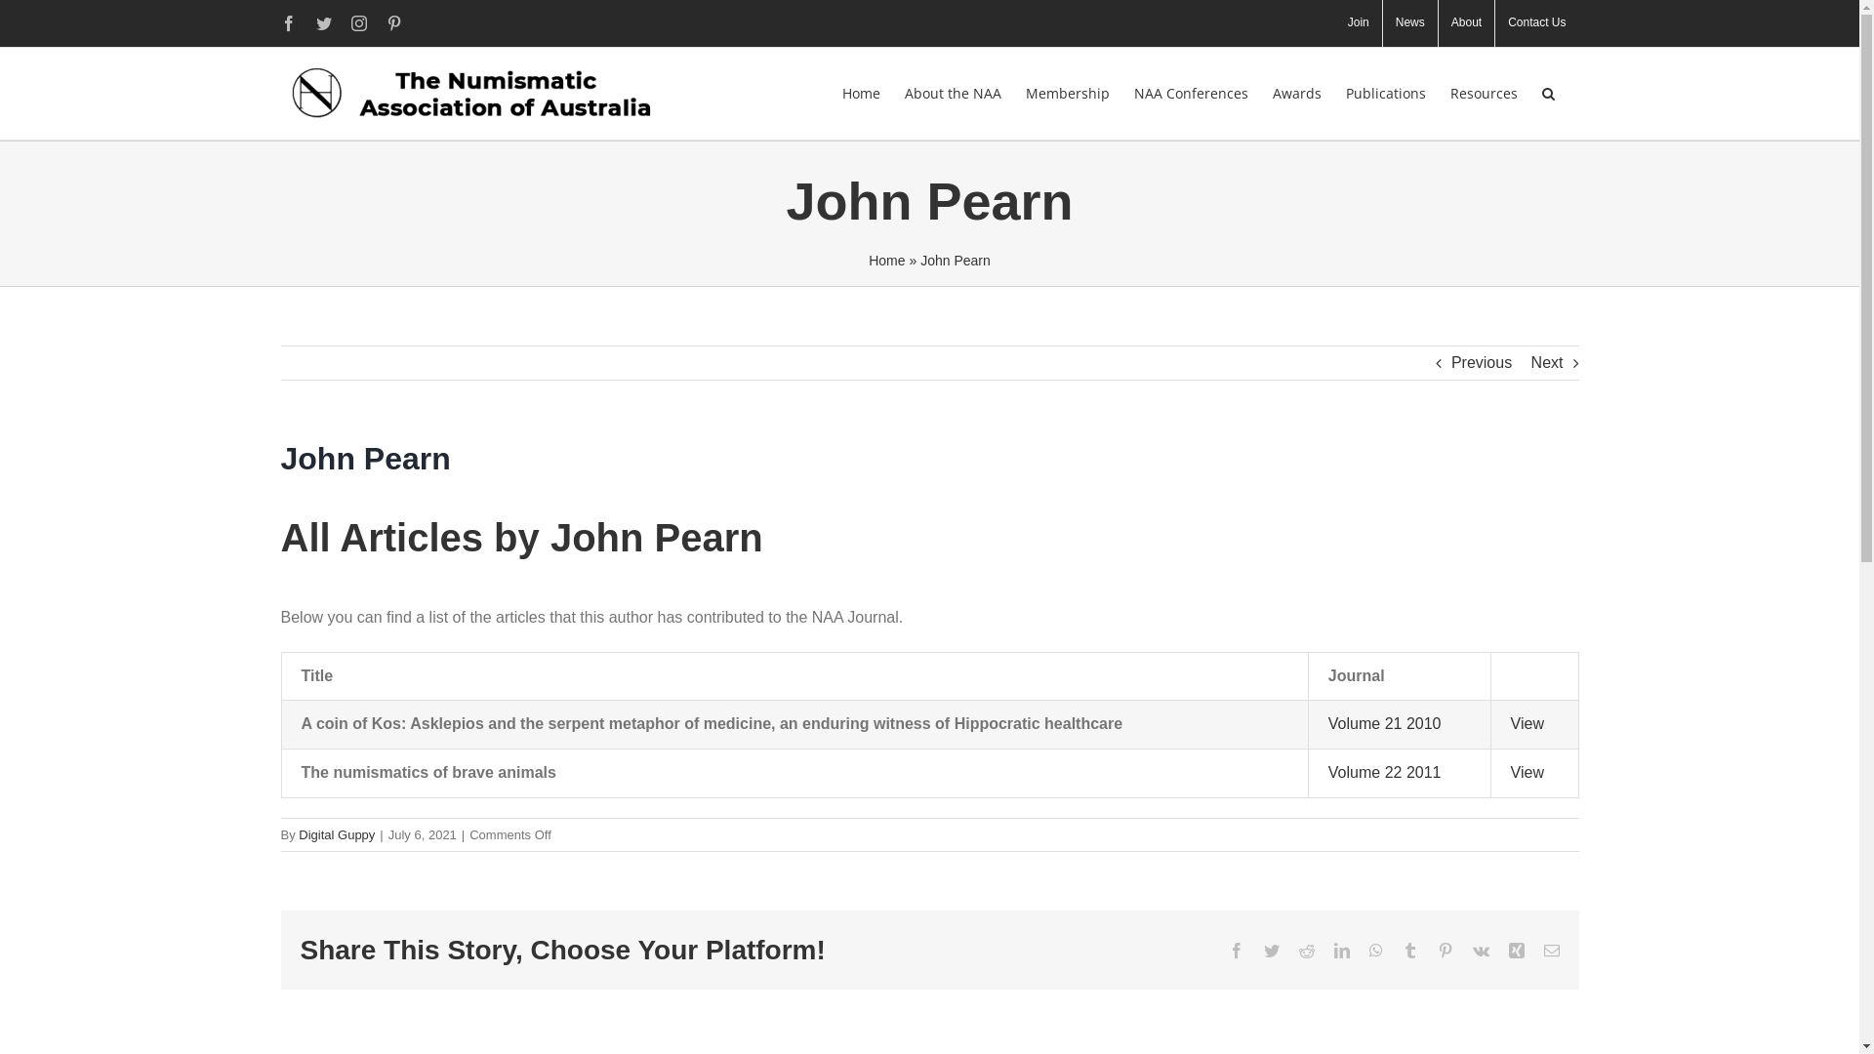 The height and width of the screenshot is (1054, 1874). What do you see at coordinates (1381, 22) in the screenshot?
I see `'News'` at bounding box center [1381, 22].